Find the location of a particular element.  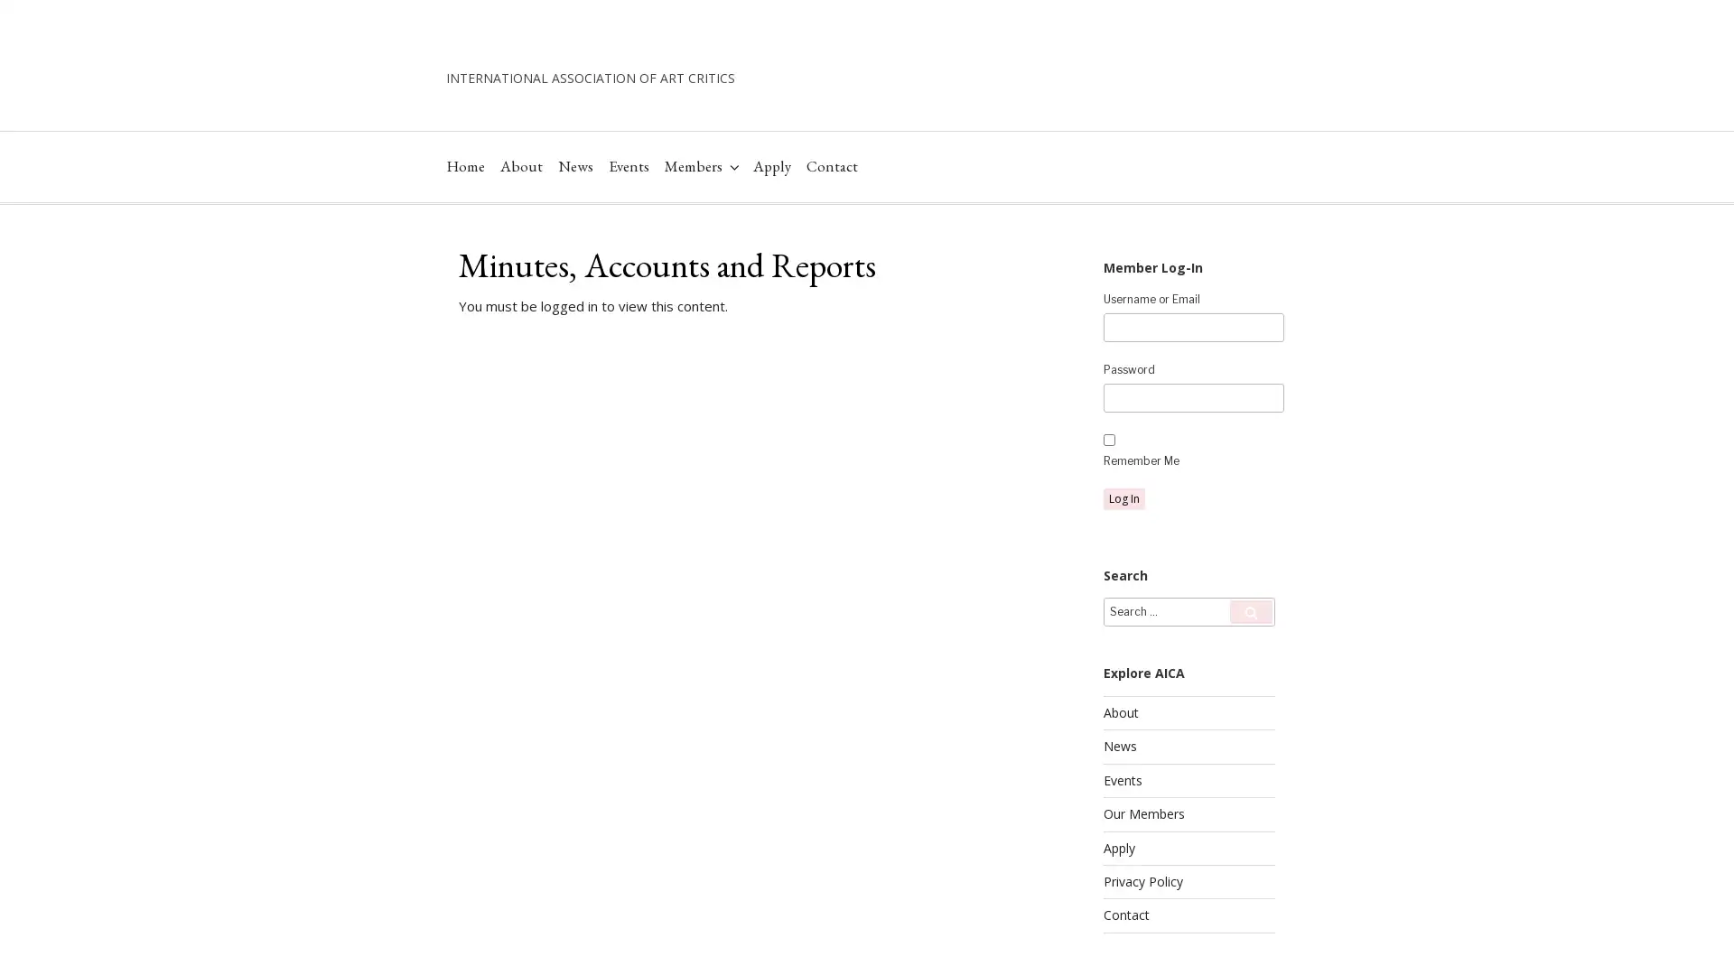

Search is located at coordinates (1250, 668).